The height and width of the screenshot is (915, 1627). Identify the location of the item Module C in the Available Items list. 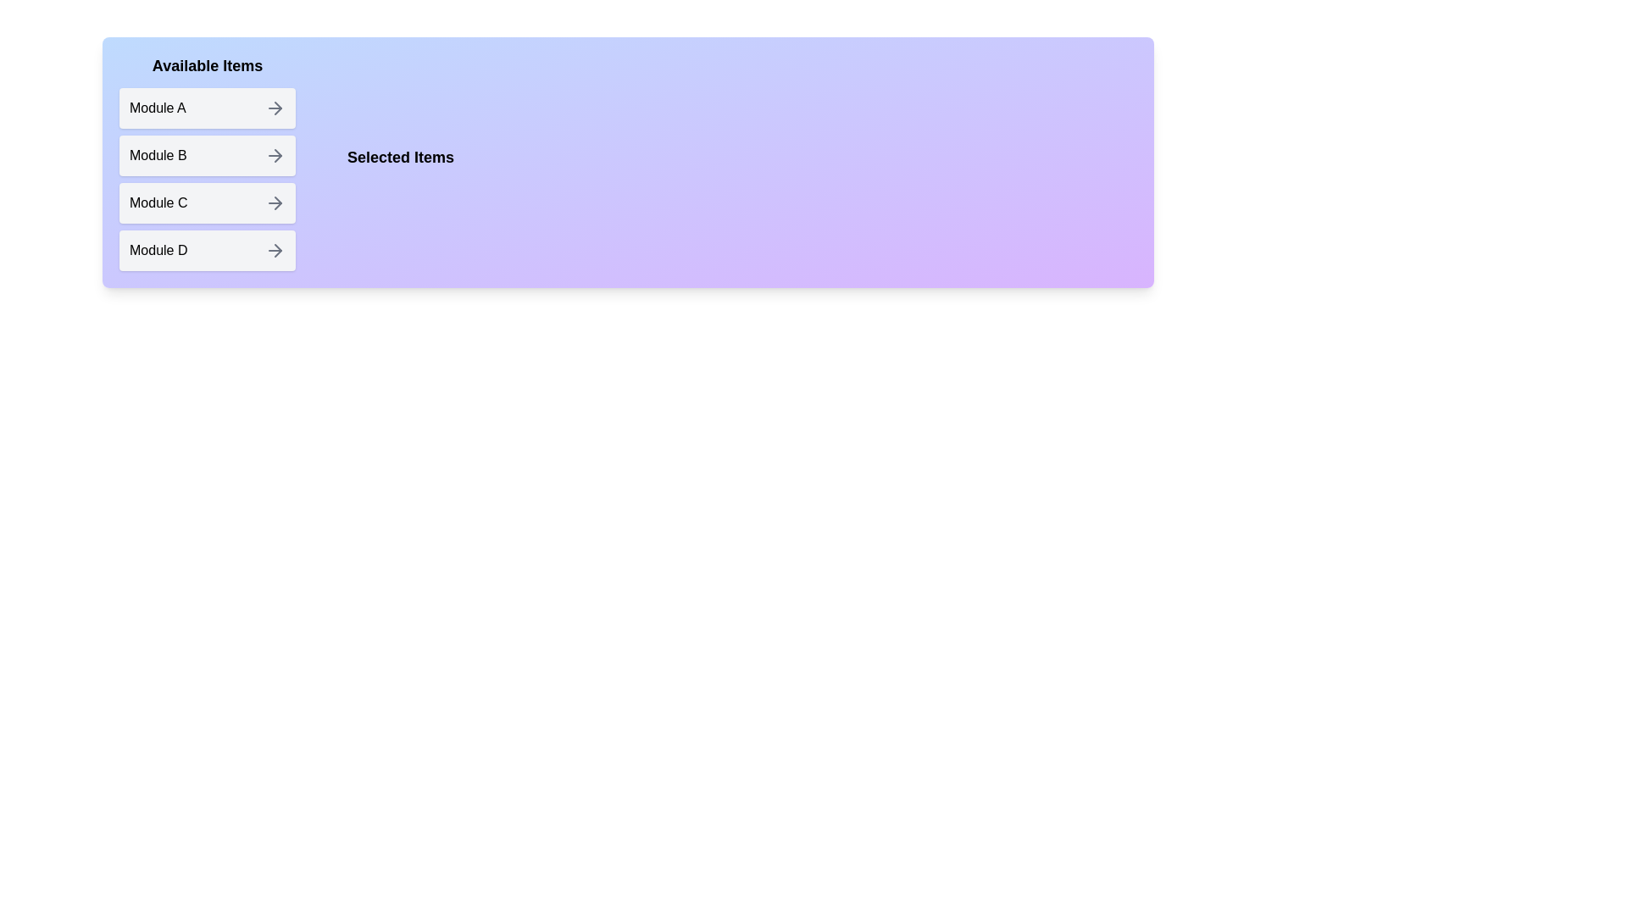
(206, 202).